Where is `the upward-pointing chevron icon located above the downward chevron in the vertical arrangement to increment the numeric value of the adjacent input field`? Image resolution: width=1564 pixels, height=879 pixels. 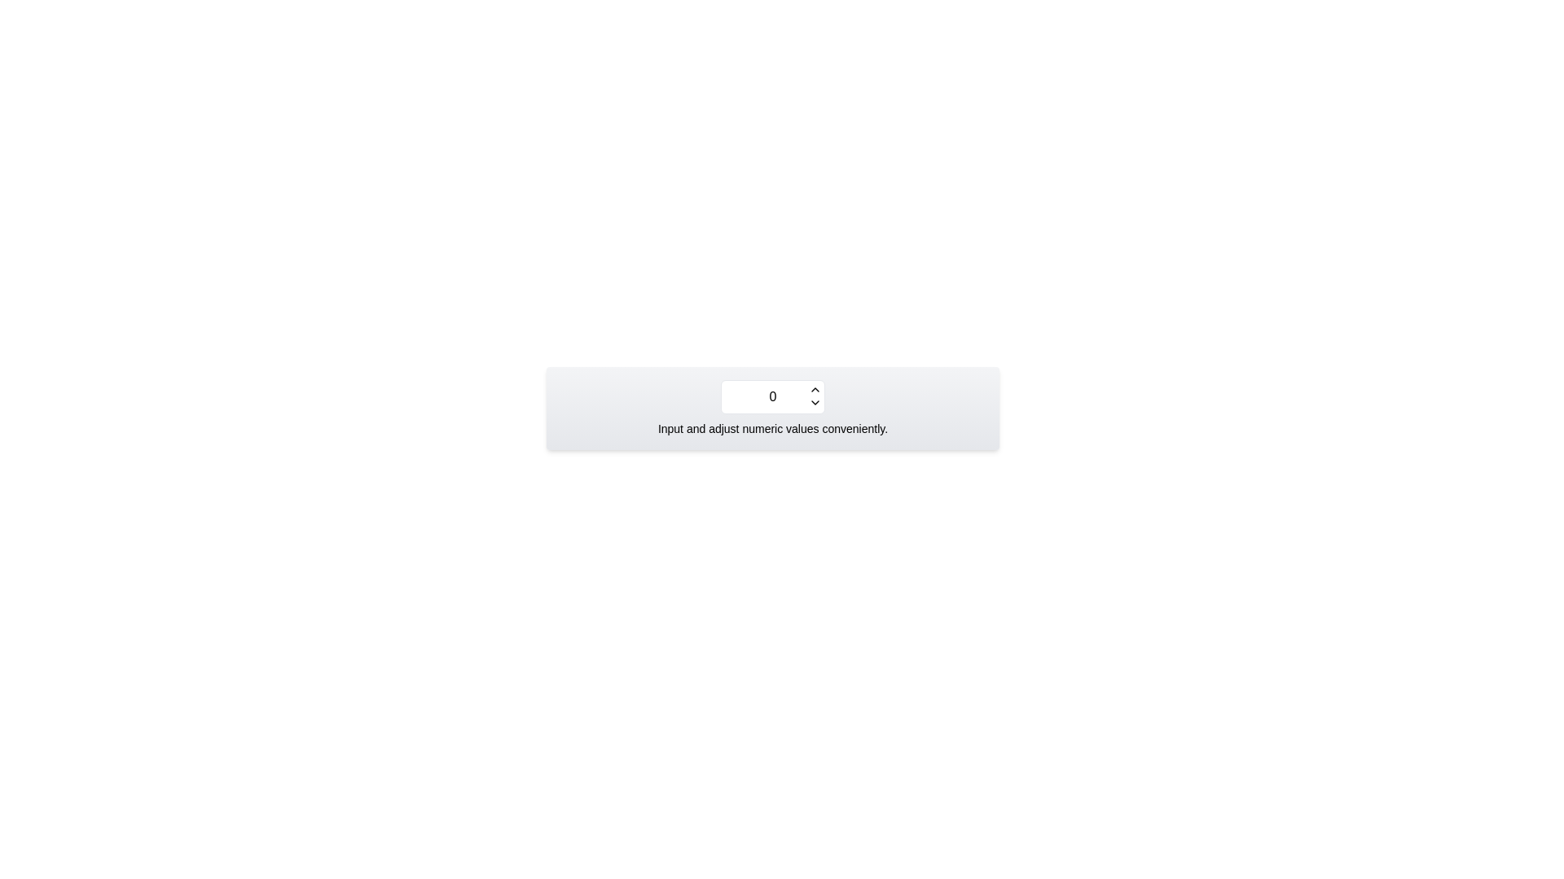
the upward-pointing chevron icon located above the downward chevron in the vertical arrangement to increment the numeric value of the adjacent input field is located at coordinates (815, 389).